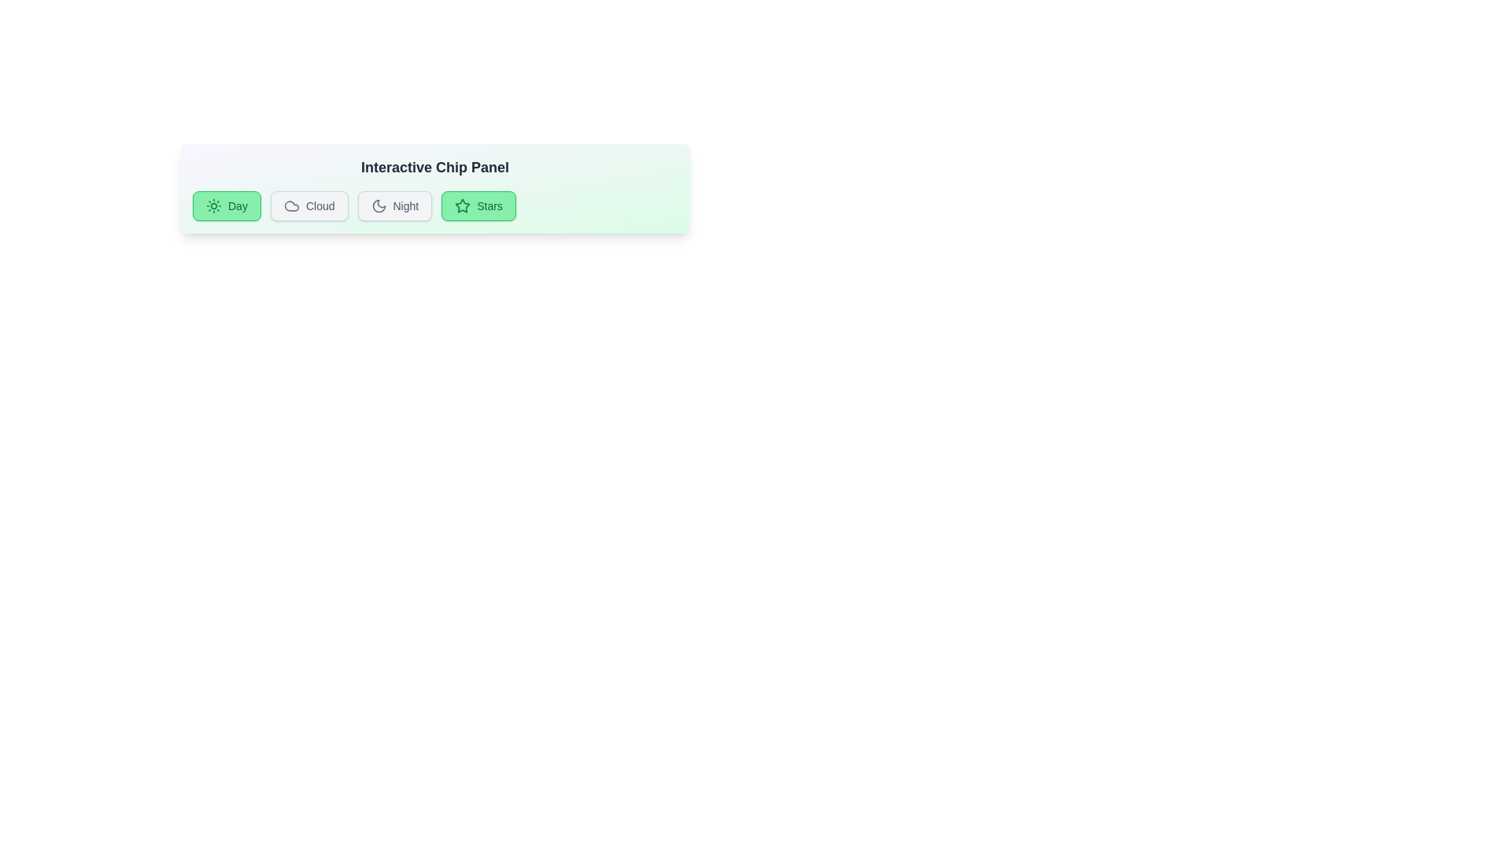 Image resolution: width=1511 pixels, height=850 pixels. Describe the element at coordinates (226, 205) in the screenshot. I see `the chip labeled Day` at that location.